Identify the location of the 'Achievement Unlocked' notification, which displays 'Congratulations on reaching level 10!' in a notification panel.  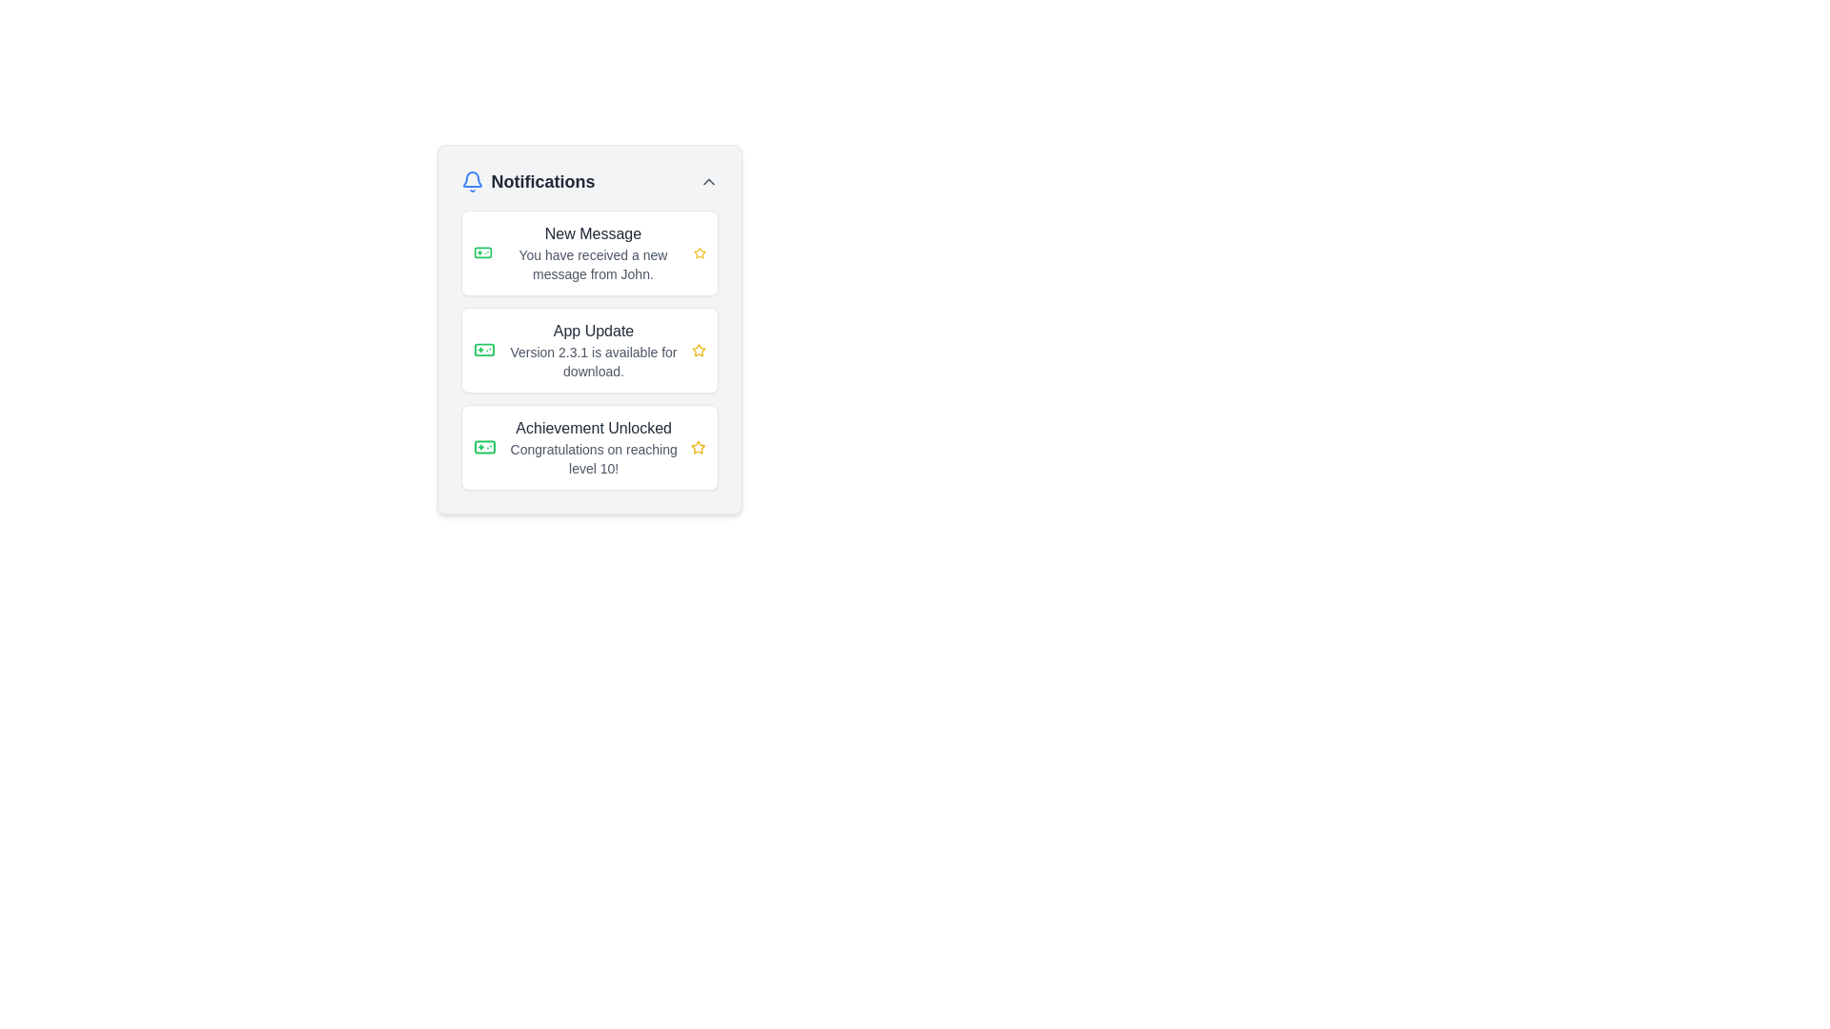
(593, 448).